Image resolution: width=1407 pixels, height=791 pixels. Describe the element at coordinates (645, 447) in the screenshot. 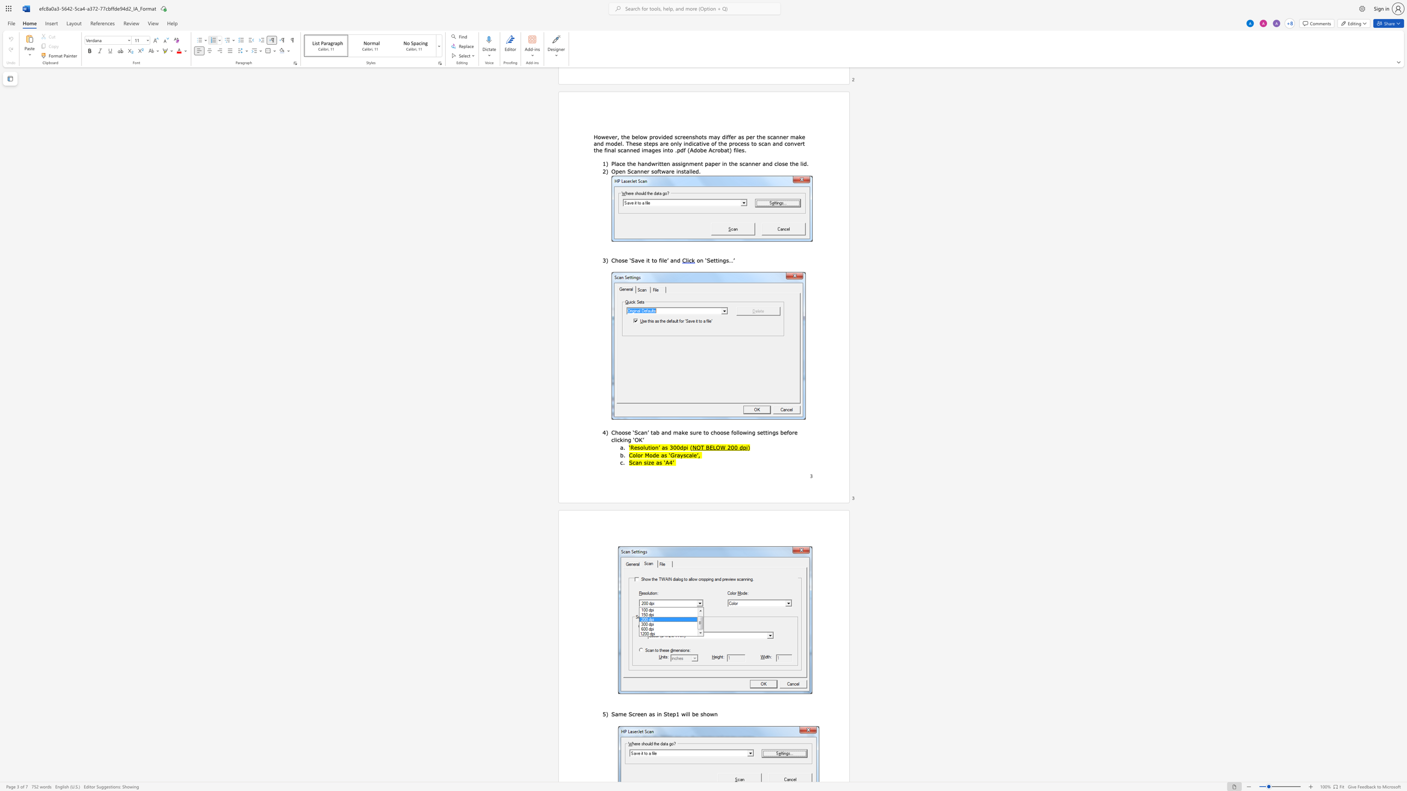

I see `the space between the continuous character "l" and "u" in the text` at that location.